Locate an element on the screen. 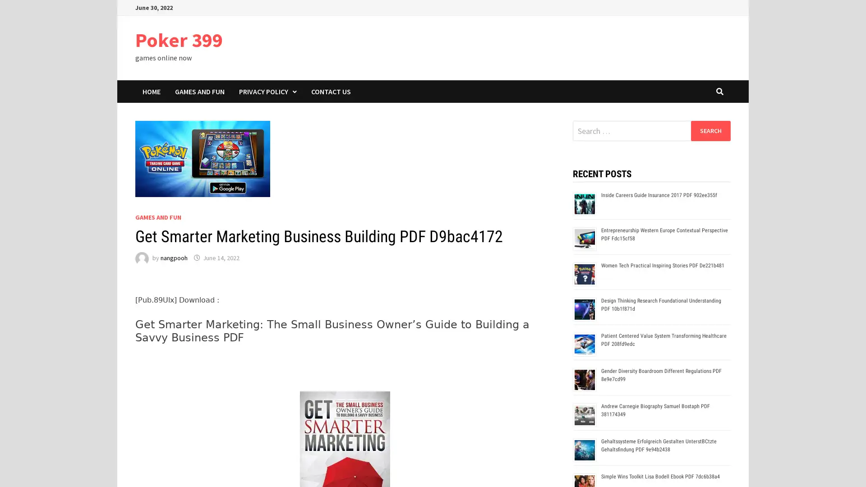 The width and height of the screenshot is (866, 487). Search is located at coordinates (710, 130).